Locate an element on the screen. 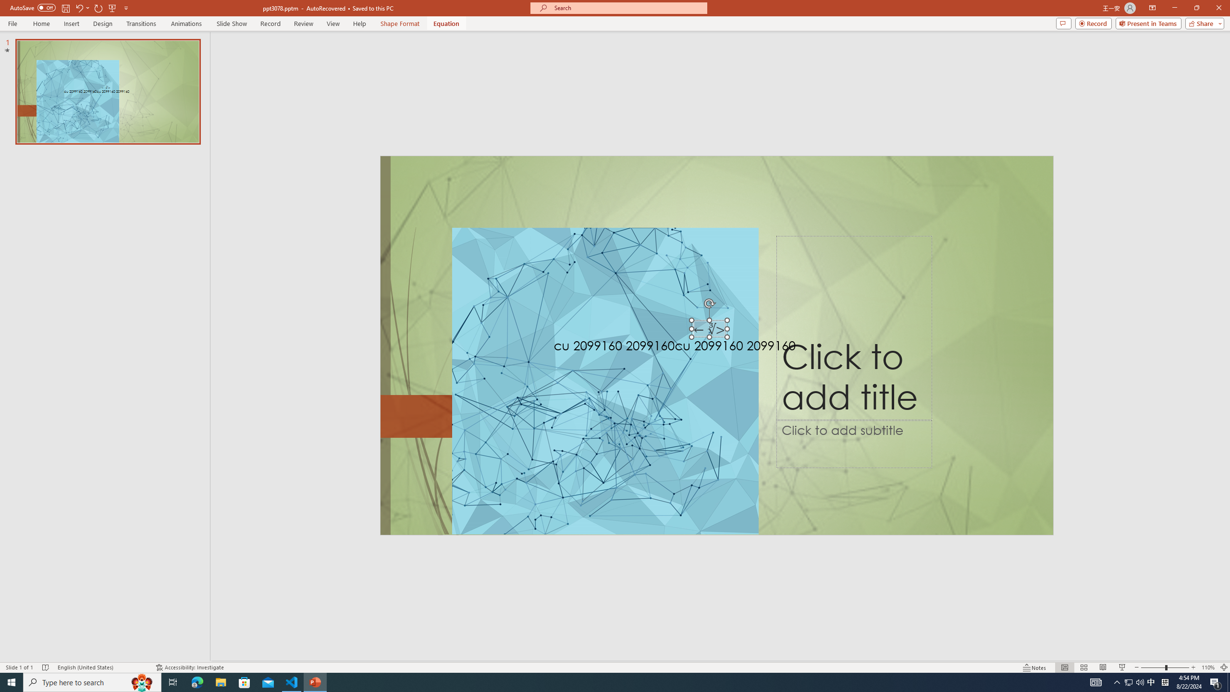  'Zoom 110%' is located at coordinates (1208, 667).